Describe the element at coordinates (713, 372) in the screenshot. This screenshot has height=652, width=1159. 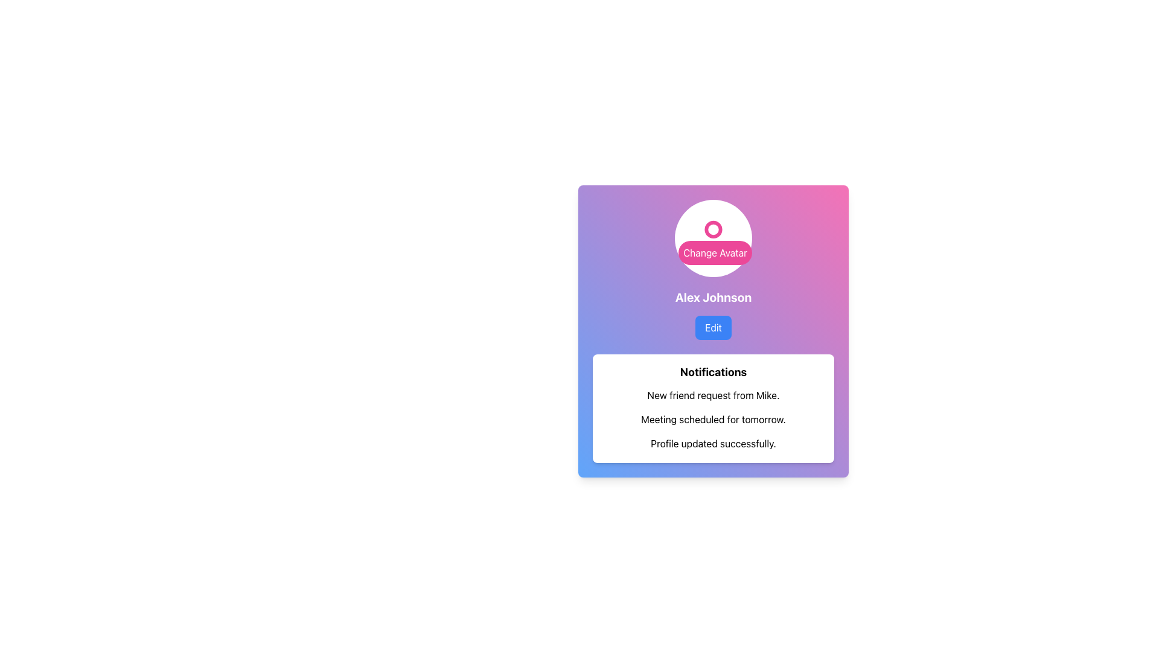
I see `text label located at the top of the notification section, which serves as the heading for the messages below` at that location.